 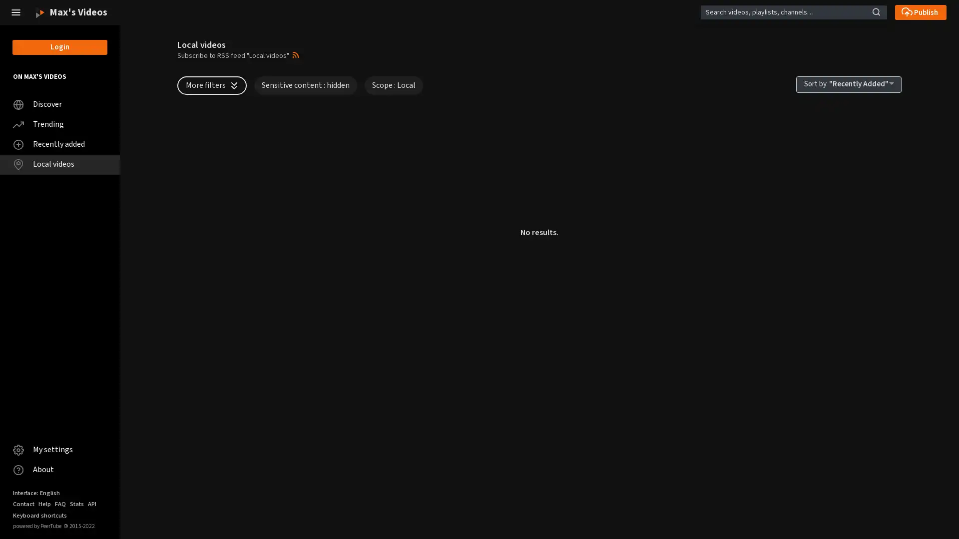 I want to click on Open syndication dropdown, so click(x=295, y=54).